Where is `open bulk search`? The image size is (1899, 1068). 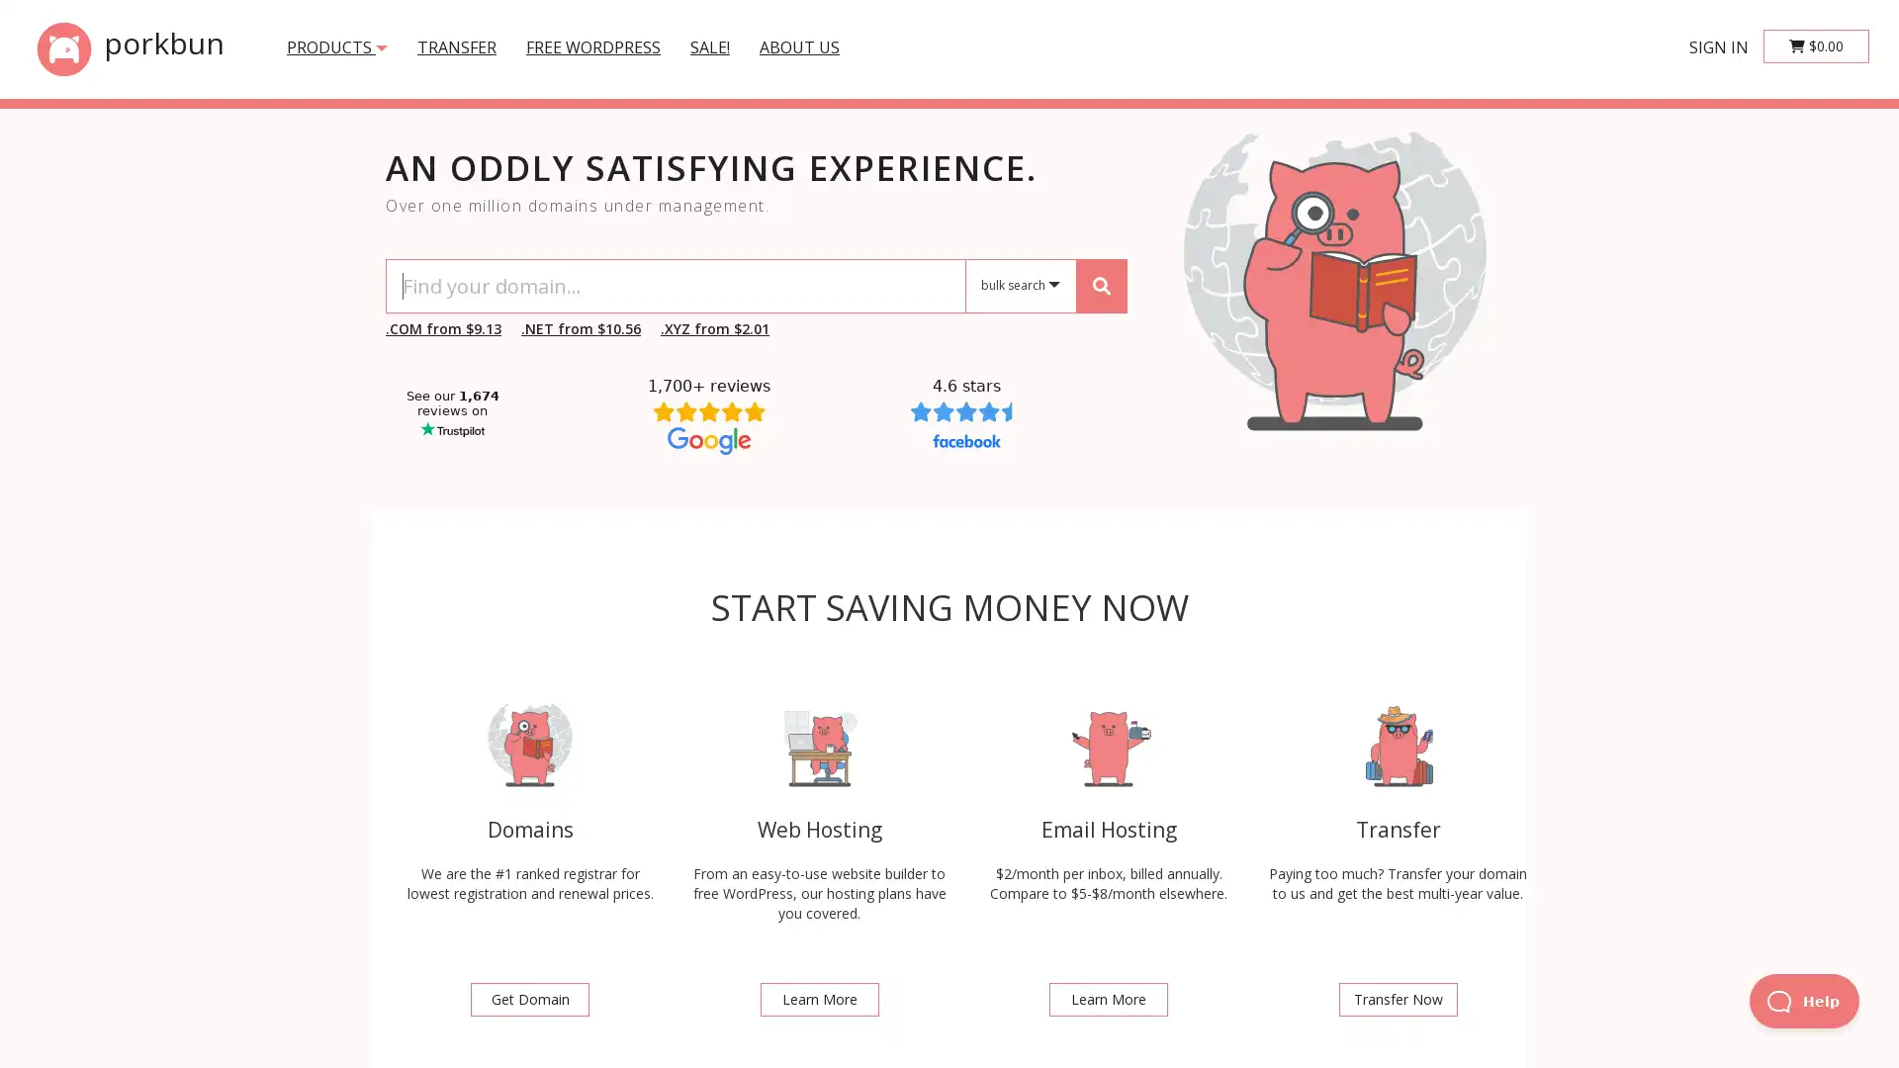 open bulk search is located at coordinates (1021, 286).